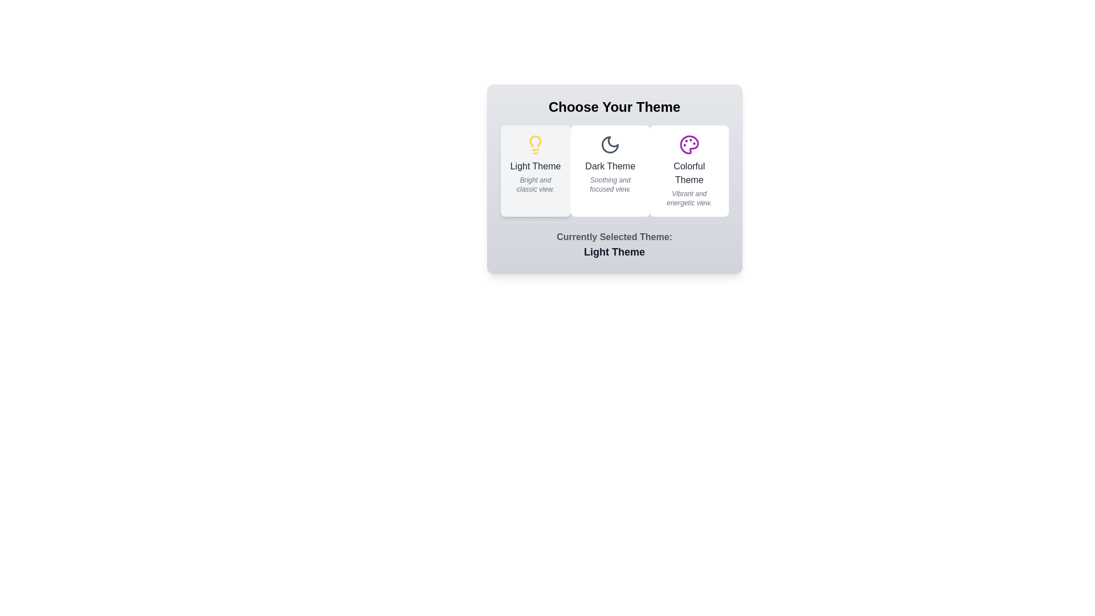  I want to click on the button corresponding to the Light Theme theme to select it, so click(535, 171).